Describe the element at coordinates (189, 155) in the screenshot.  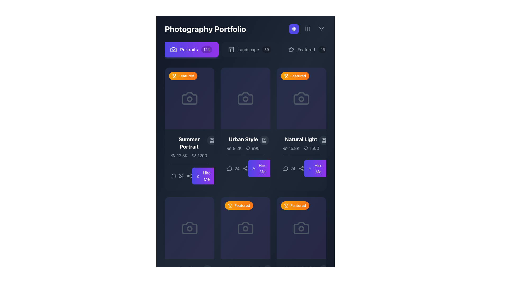
I see `the Engagement statistics bar located beneath the 'Summer Portrait' title, which displays an eye icon and a heart icon with their respective counts of 12.5K views and 1200 likes` at that location.